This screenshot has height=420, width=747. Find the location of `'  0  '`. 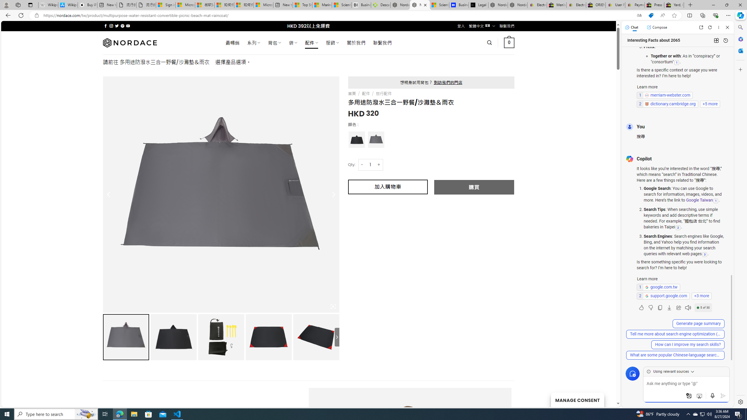

'  0  ' is located at coordinates (509, 42).